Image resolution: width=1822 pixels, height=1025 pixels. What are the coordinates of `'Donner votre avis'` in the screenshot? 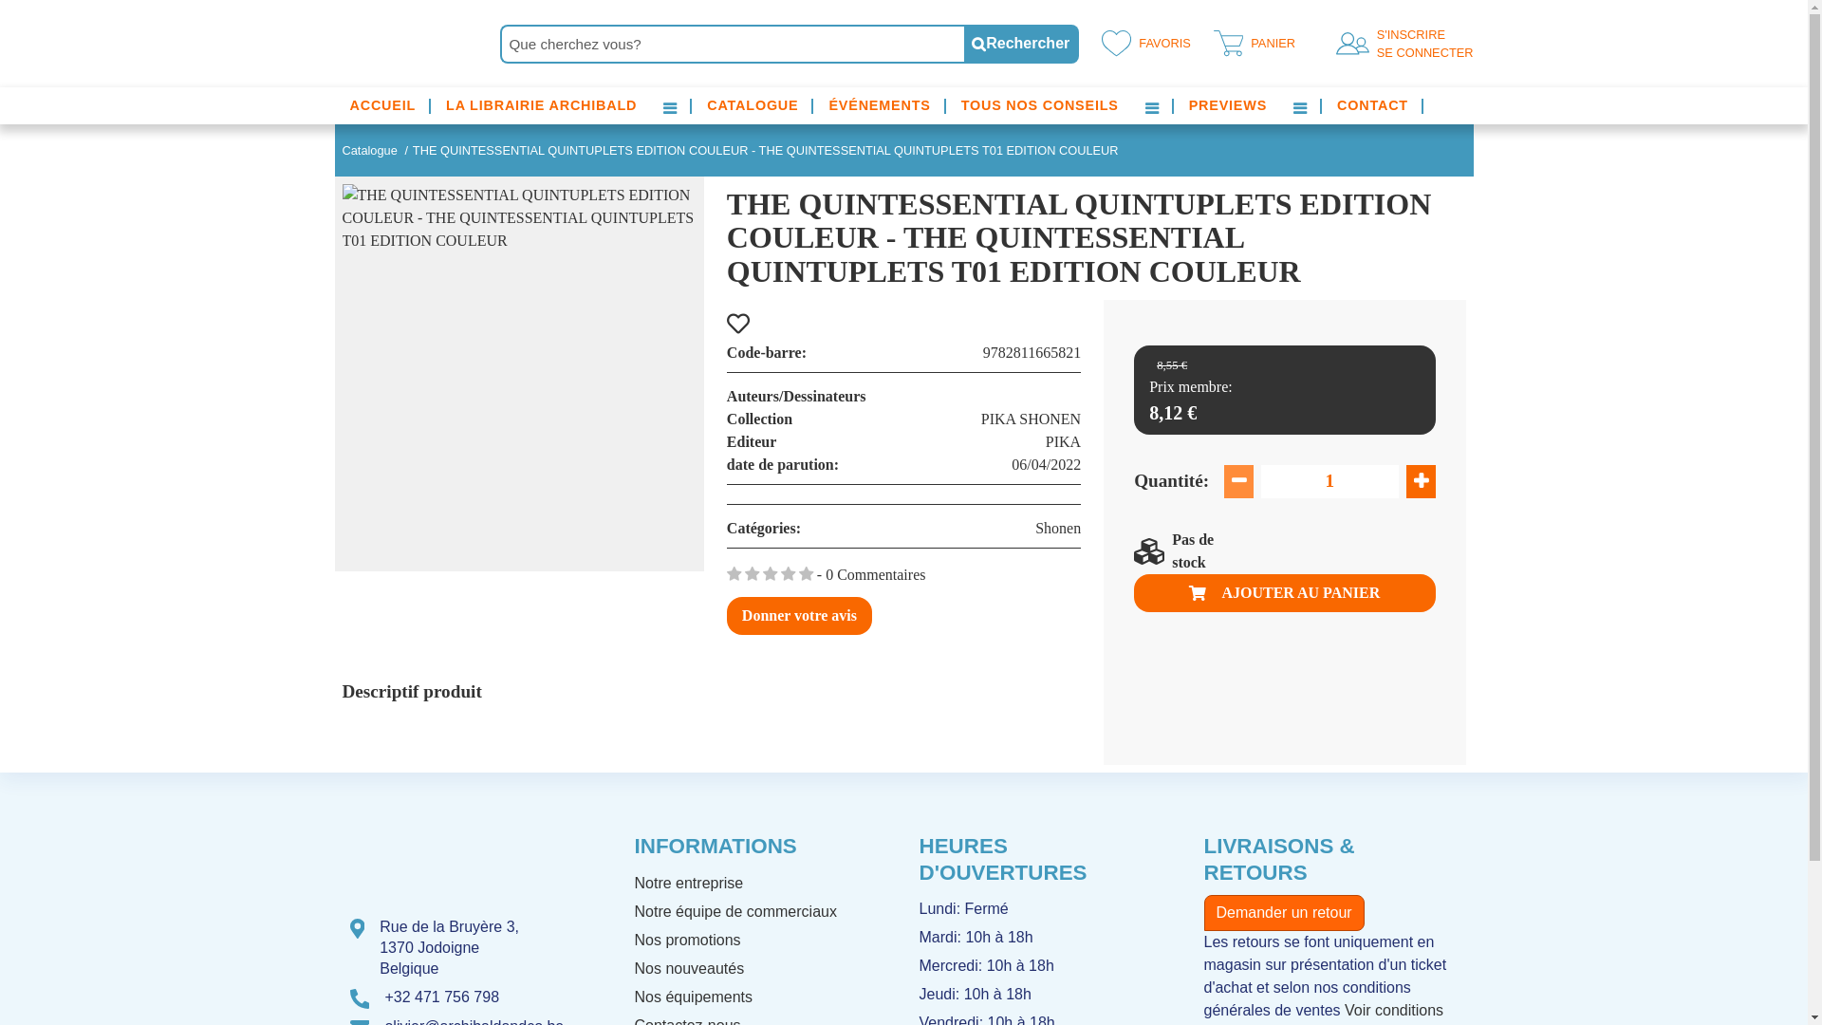 It's located at (726, 615).